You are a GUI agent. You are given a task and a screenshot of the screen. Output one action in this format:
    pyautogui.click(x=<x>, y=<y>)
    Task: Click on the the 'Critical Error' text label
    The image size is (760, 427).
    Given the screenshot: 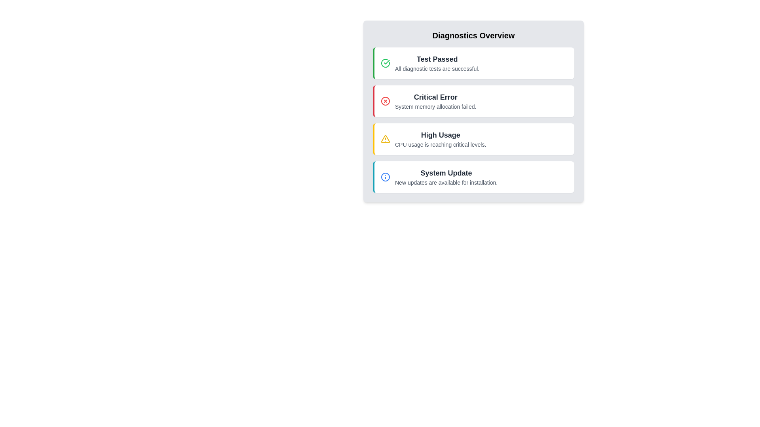 What is the action you would take?
    pyautogui.click(x=435, y=97)
    